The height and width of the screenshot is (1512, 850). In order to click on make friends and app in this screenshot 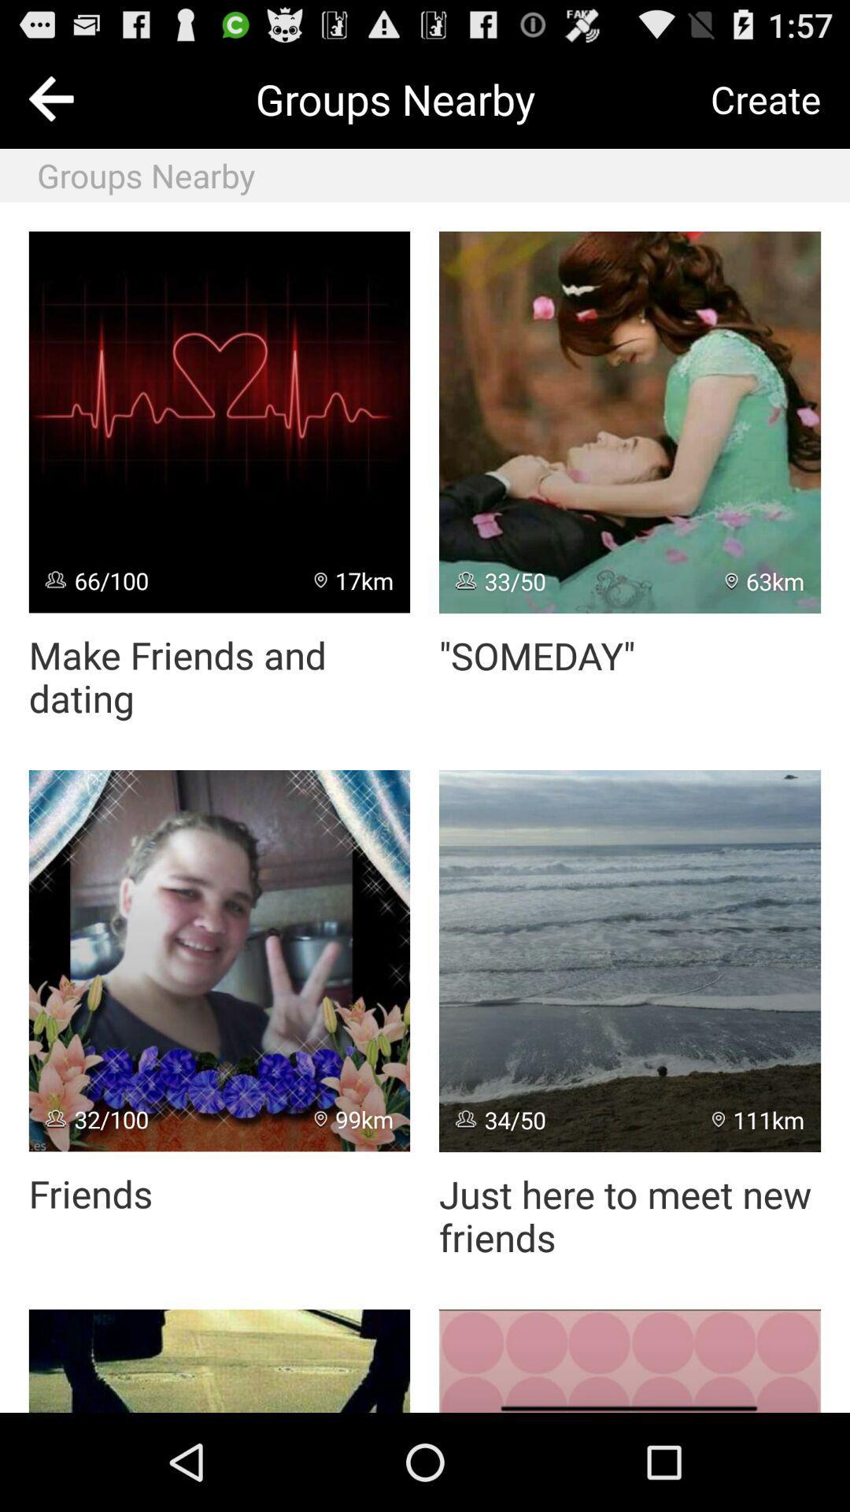, I will do `click(219, 676)`.